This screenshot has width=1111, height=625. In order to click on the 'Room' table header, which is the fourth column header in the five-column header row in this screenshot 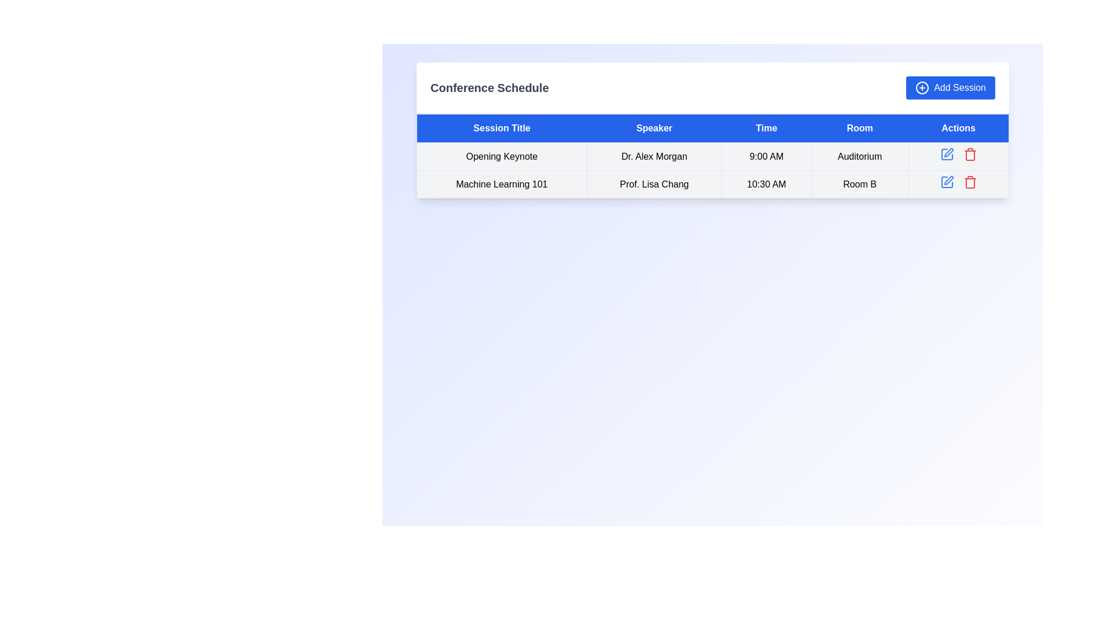, I will do `click(860, 128)`.